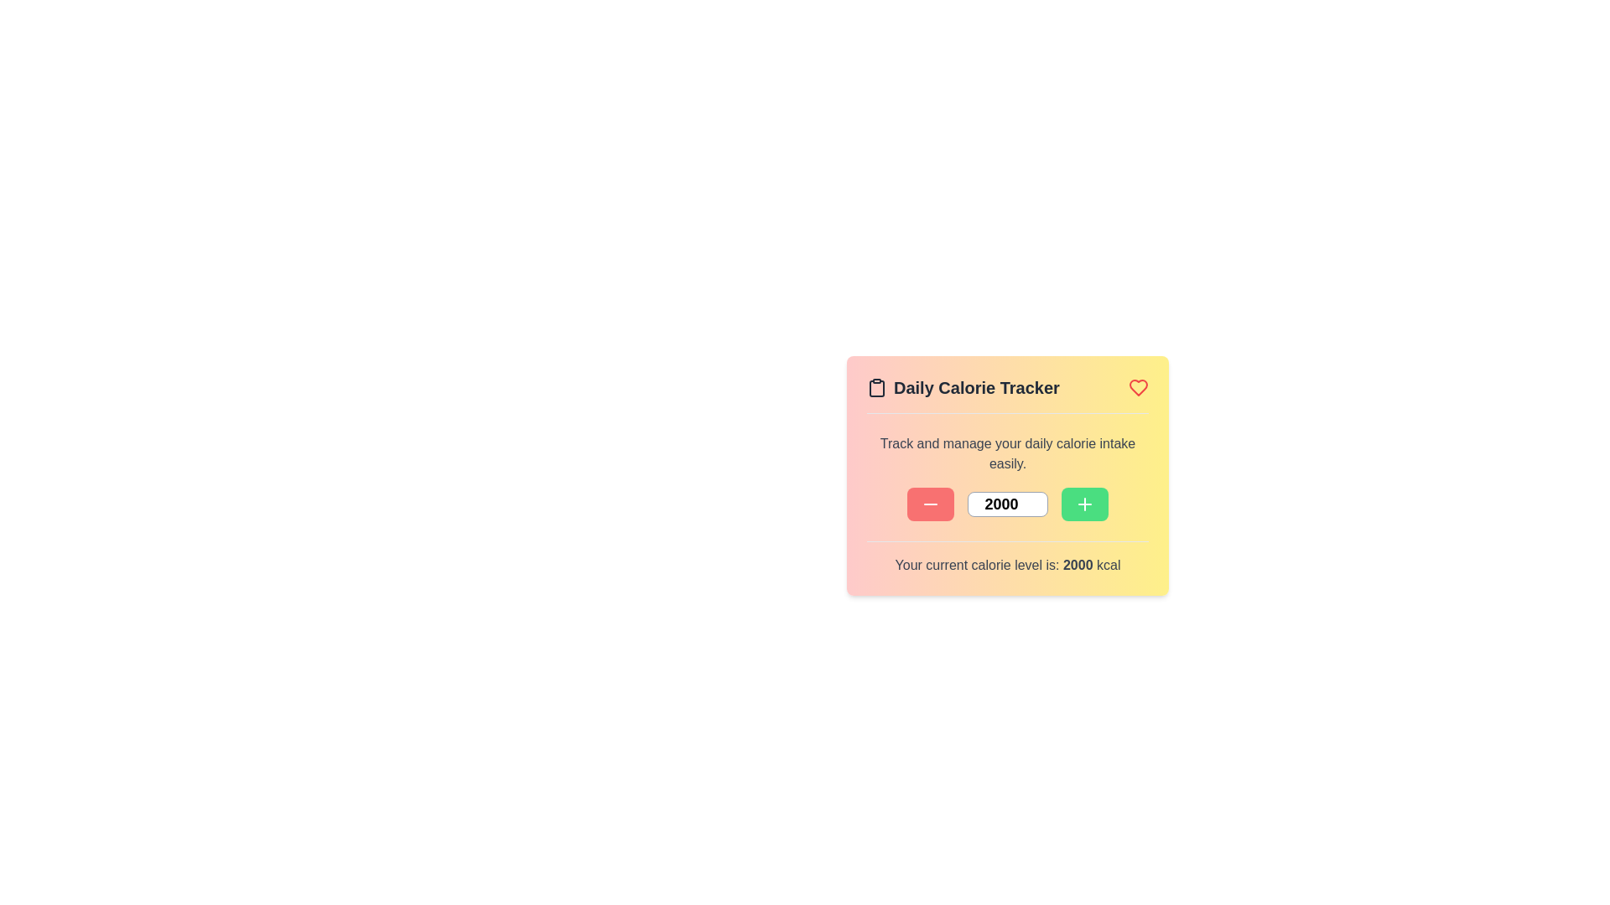 This screenshot has height=905, width=1610. Describe the element at coordinates (1006, 395) in the screenshot. I see `the title bar labeled 'Daily Calorie Tracker', which is styled with a gradient background and contains icons of a clipboard and a red heart` at that location.